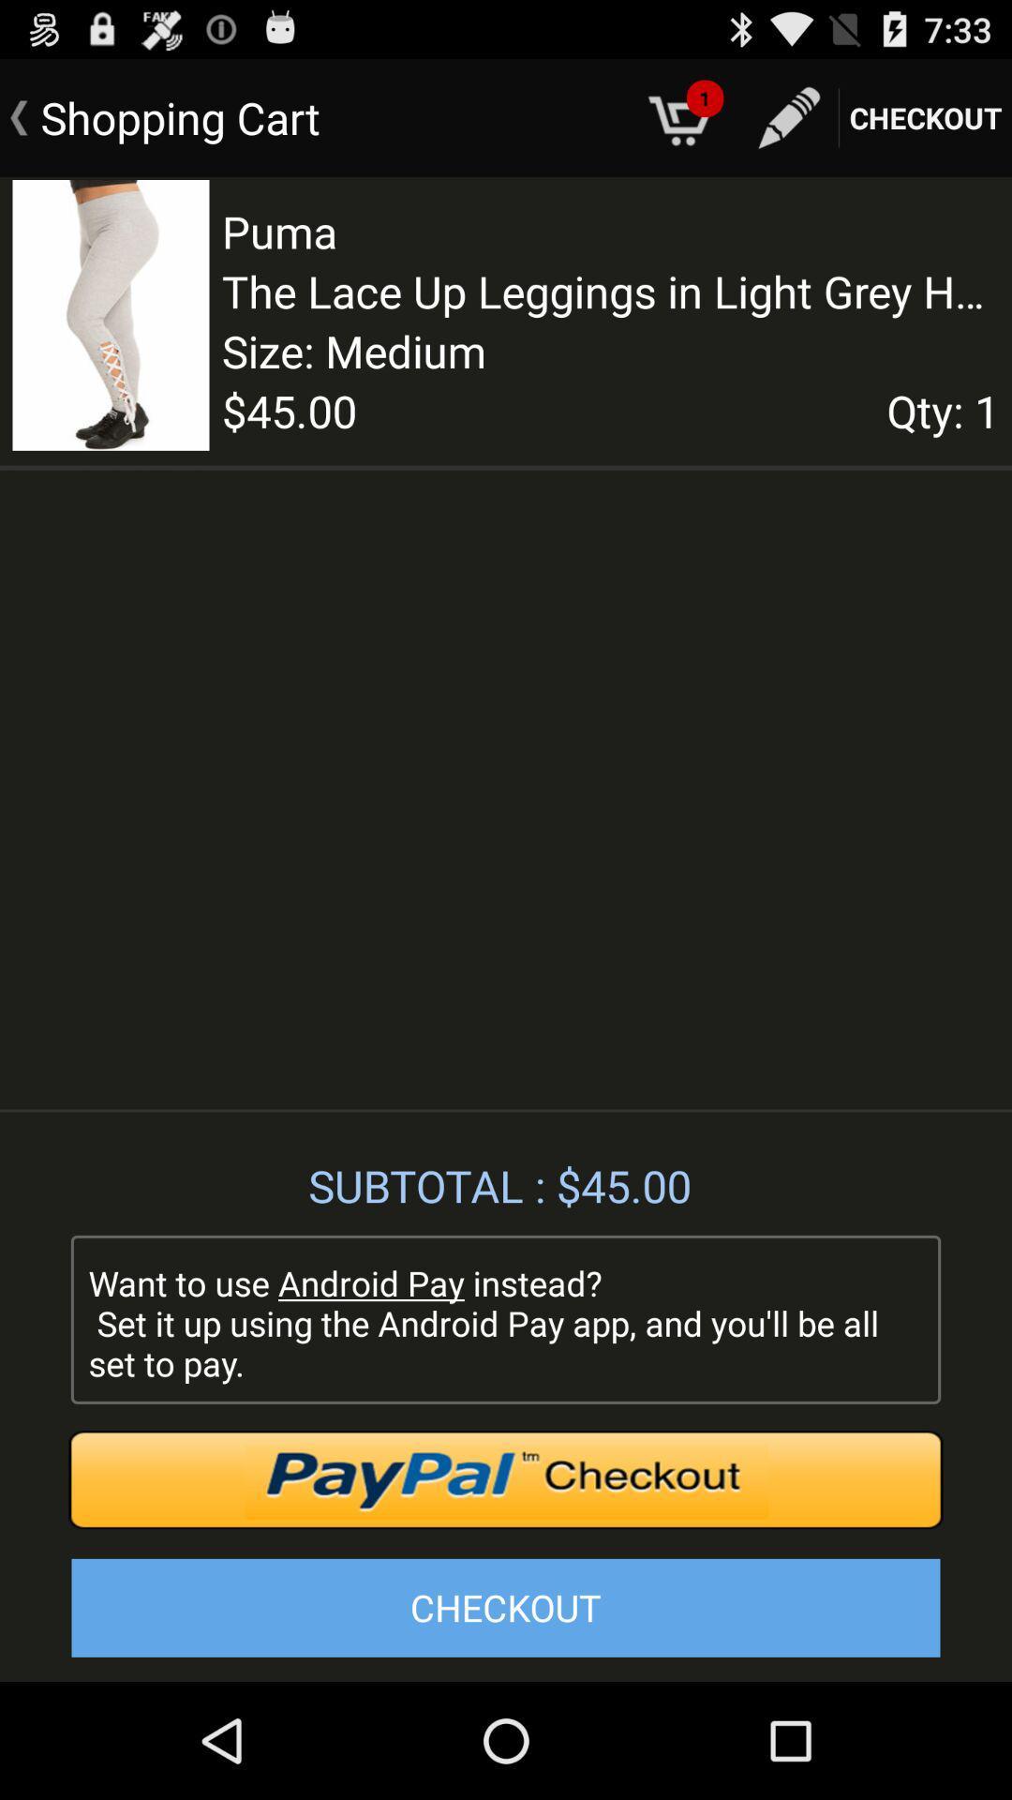  Describe the element at coordinates (924, 116) in the screenshot. I see `checkout` at that location.